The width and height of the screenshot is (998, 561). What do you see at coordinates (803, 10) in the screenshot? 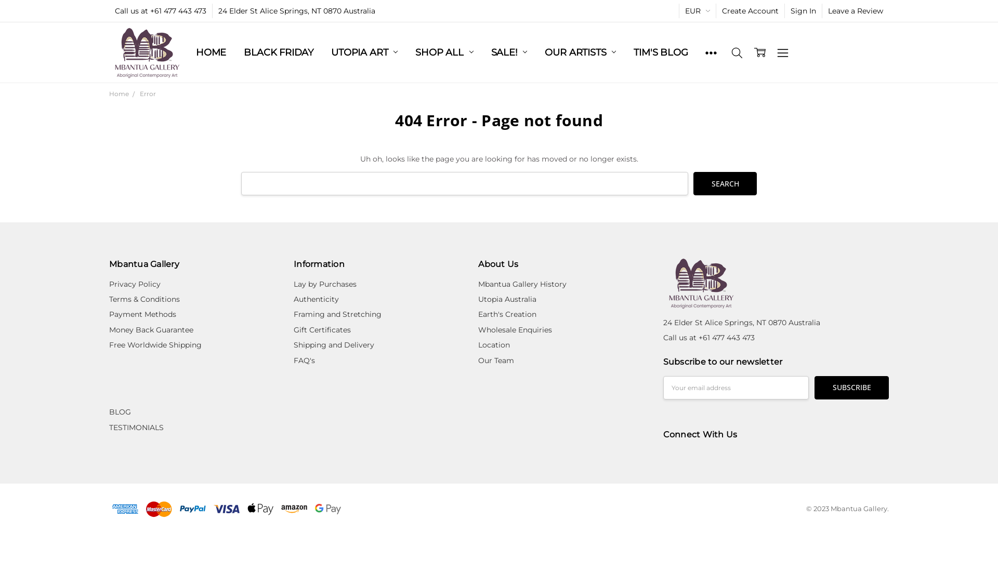
I see `'Sign In'` at bounding box center [803, 10].